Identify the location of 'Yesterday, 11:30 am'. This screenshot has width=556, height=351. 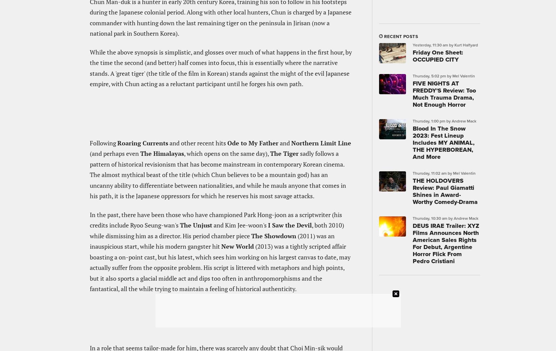
(430, 44).